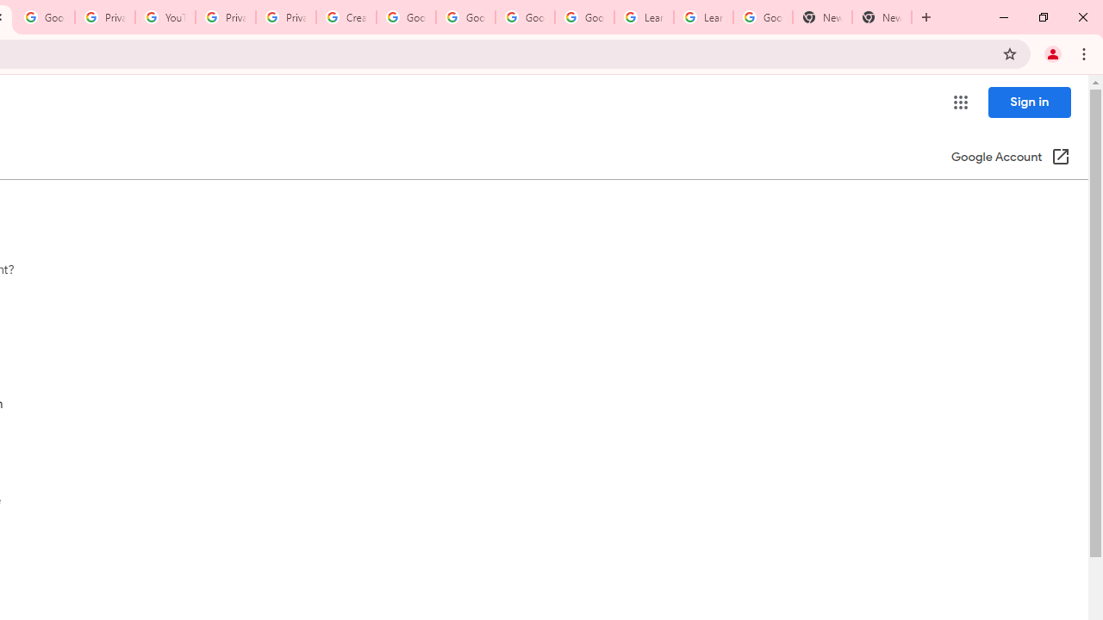 This screenshot has width=1103, height=620. I want to click on 'New Tab', so click(882, 17).